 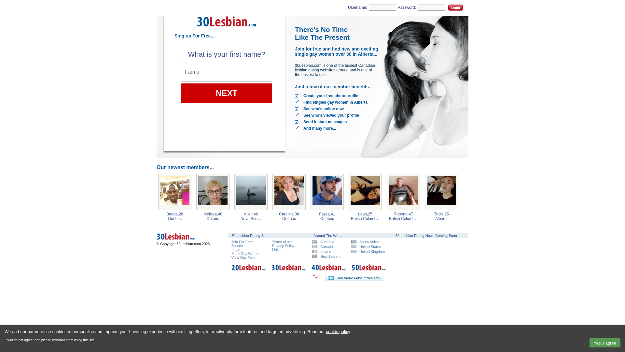 I want to click on 'United Kingdom', so click(x=368, y=251).